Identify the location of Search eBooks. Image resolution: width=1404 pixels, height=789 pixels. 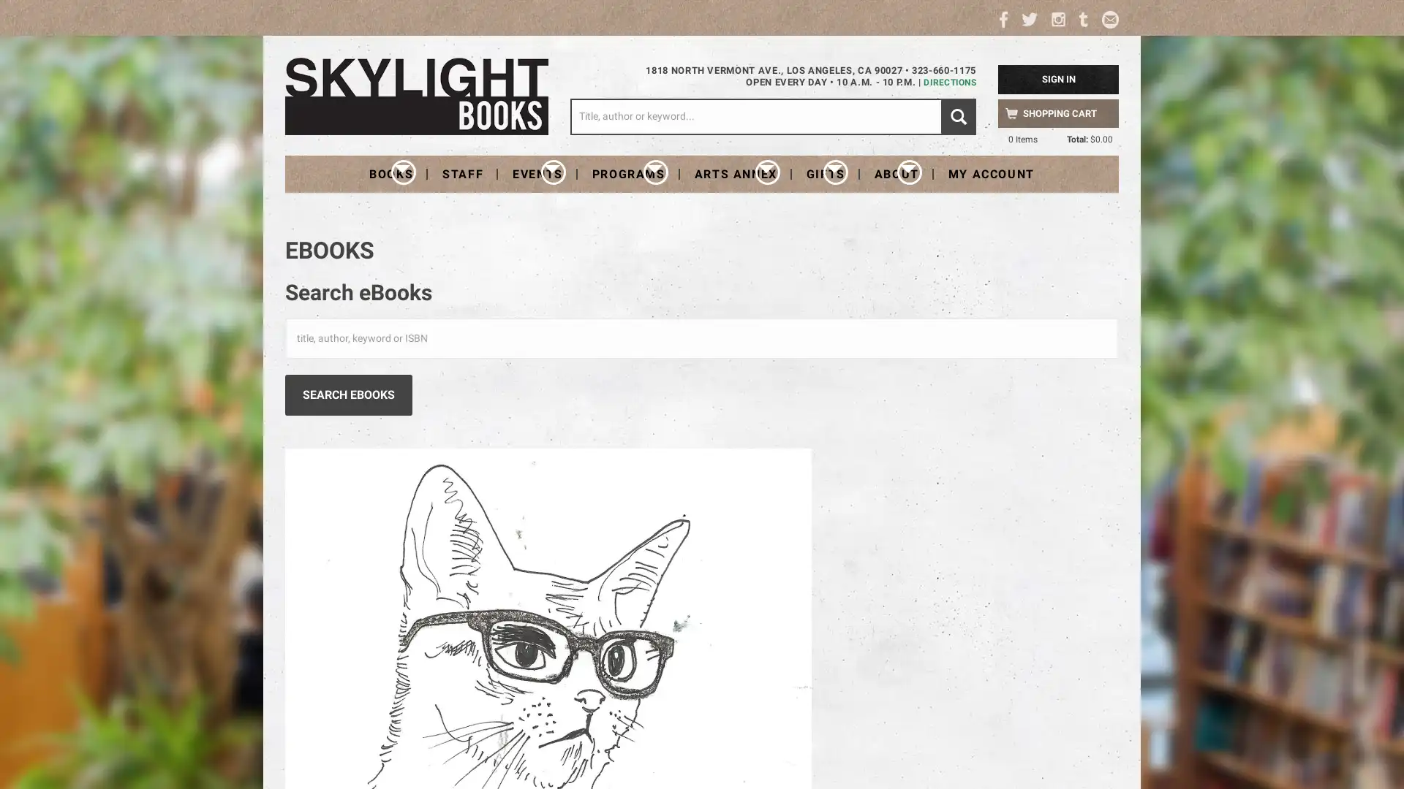
(347, 394).